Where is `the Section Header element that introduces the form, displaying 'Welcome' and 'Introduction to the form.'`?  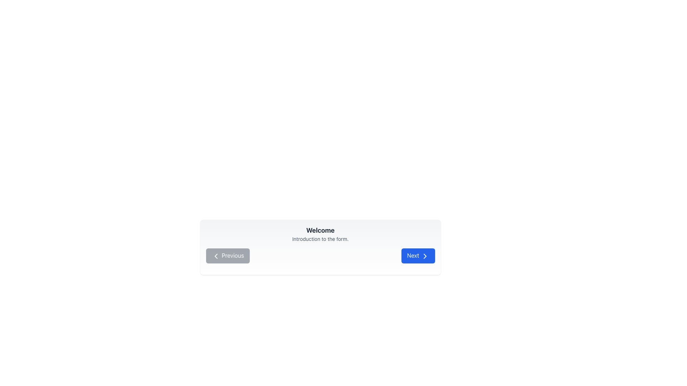
the Section Header element that introduces the form, displaying 'Welcome' and 'Introduction to the form.' is located at coordinates (320, 234).